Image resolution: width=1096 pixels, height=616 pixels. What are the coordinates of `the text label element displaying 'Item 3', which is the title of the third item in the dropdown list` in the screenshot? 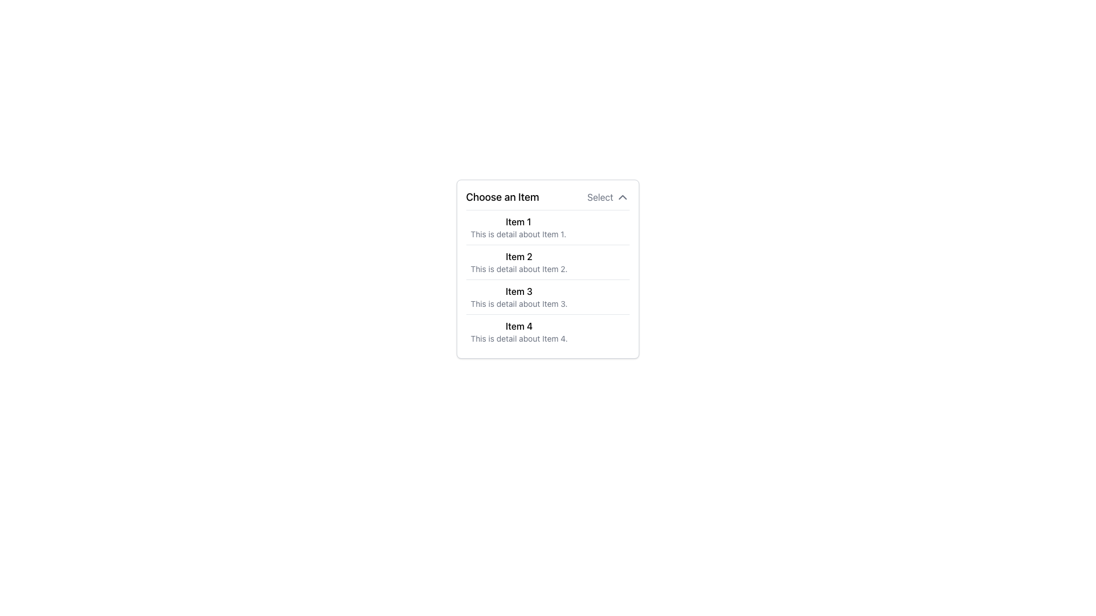 It's located at (518, 290).